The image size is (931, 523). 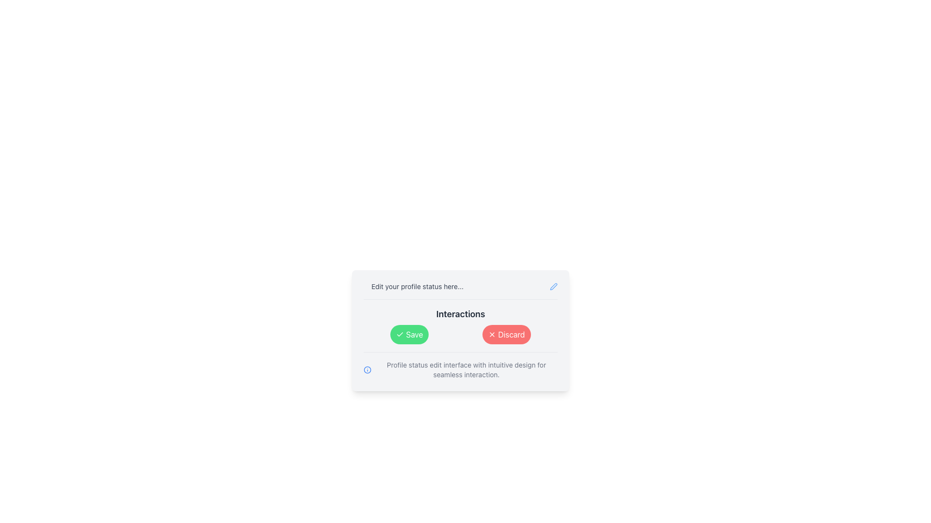 What do you see at coordinates (417, 286) in the screenshot?
I see `the informational text label that provides guidance for users to edit their profile status, located at the top central part of the card interface` at bounding box center [417, 286].